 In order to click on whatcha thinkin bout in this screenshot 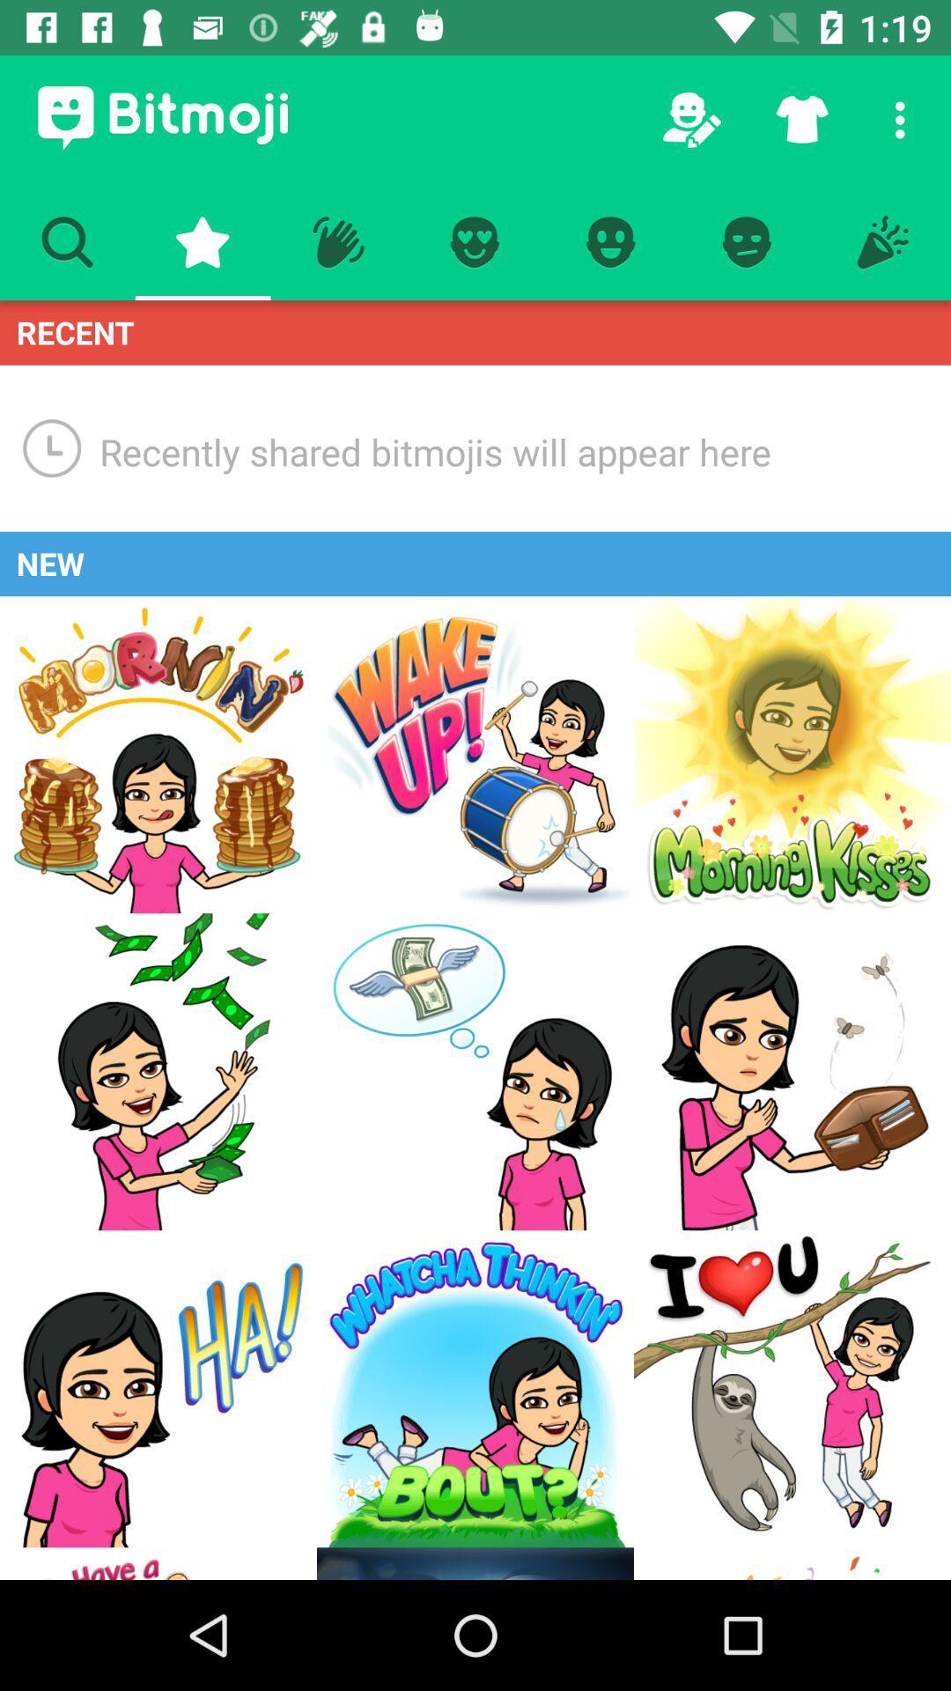, I will do `click(475, 1388)`.